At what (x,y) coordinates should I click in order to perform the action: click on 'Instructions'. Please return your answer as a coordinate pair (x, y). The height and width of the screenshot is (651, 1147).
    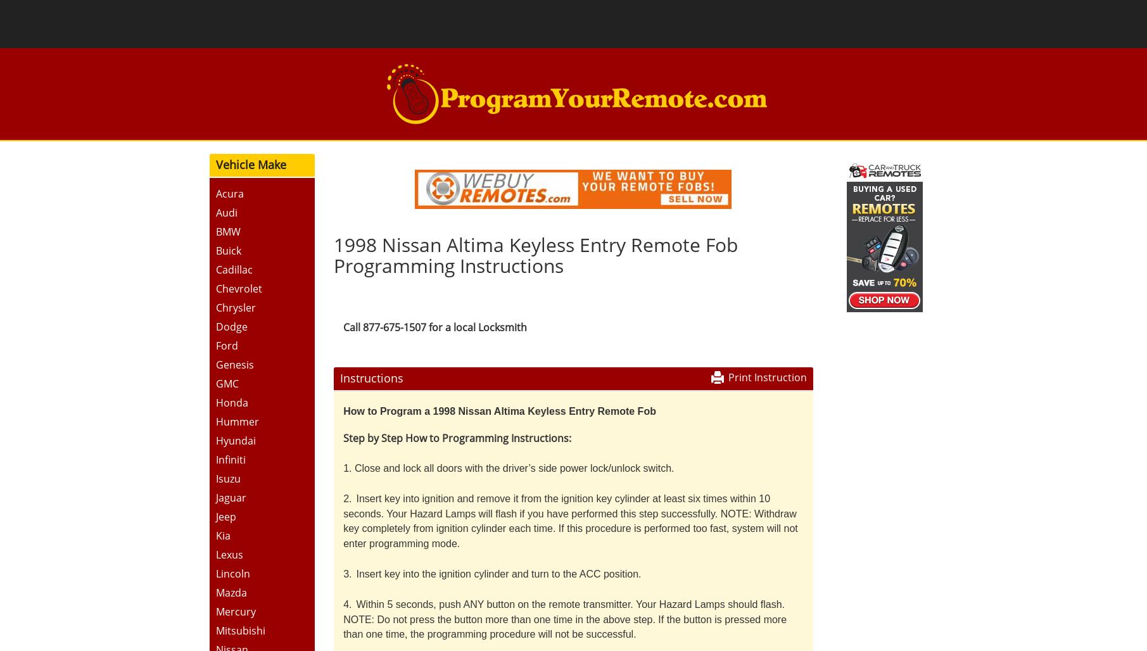
    Looking at the image, I should click on (371, 377).